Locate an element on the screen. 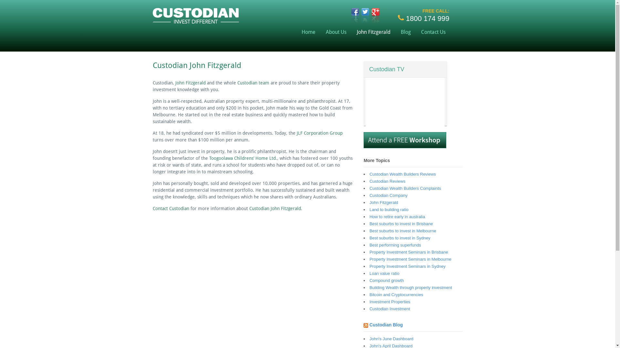  'Building Wealth through property investment' is located at coordinates (410, 287).